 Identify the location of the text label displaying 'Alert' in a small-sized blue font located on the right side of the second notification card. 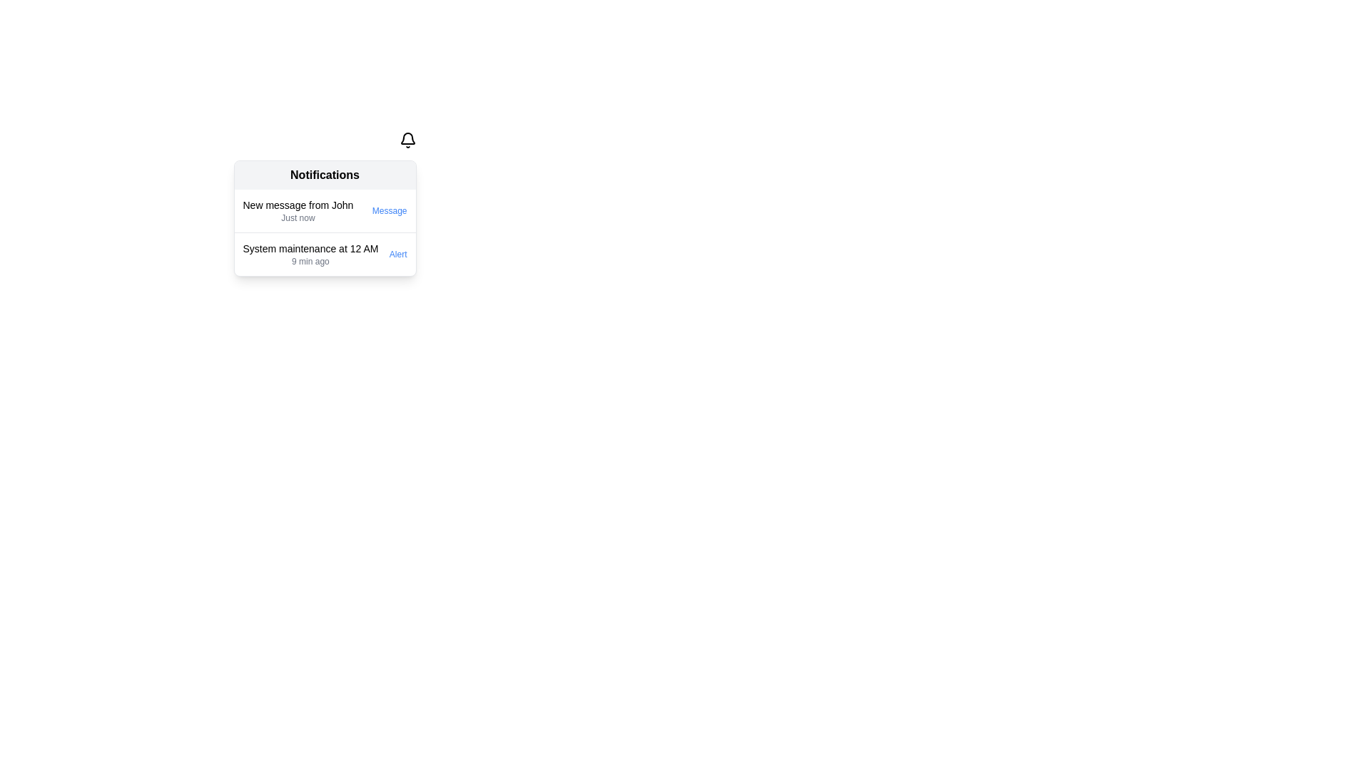
(395, 254).